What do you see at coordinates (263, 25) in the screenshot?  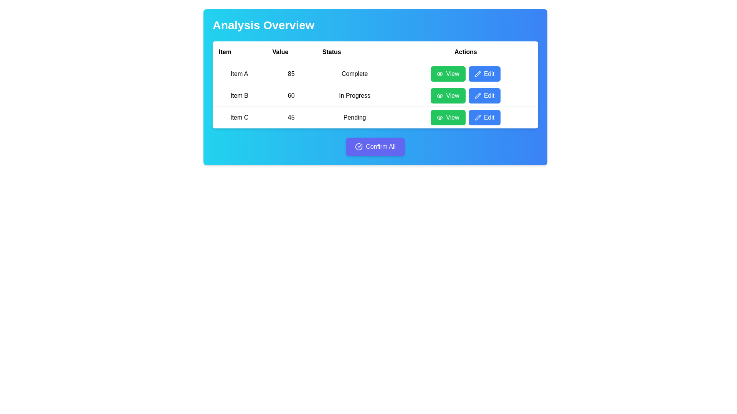 I see `the text label that serves as the title or heading for the panel, which is centrally aligned in the header bar at the top of the interface` at bounding box center [263, 25].